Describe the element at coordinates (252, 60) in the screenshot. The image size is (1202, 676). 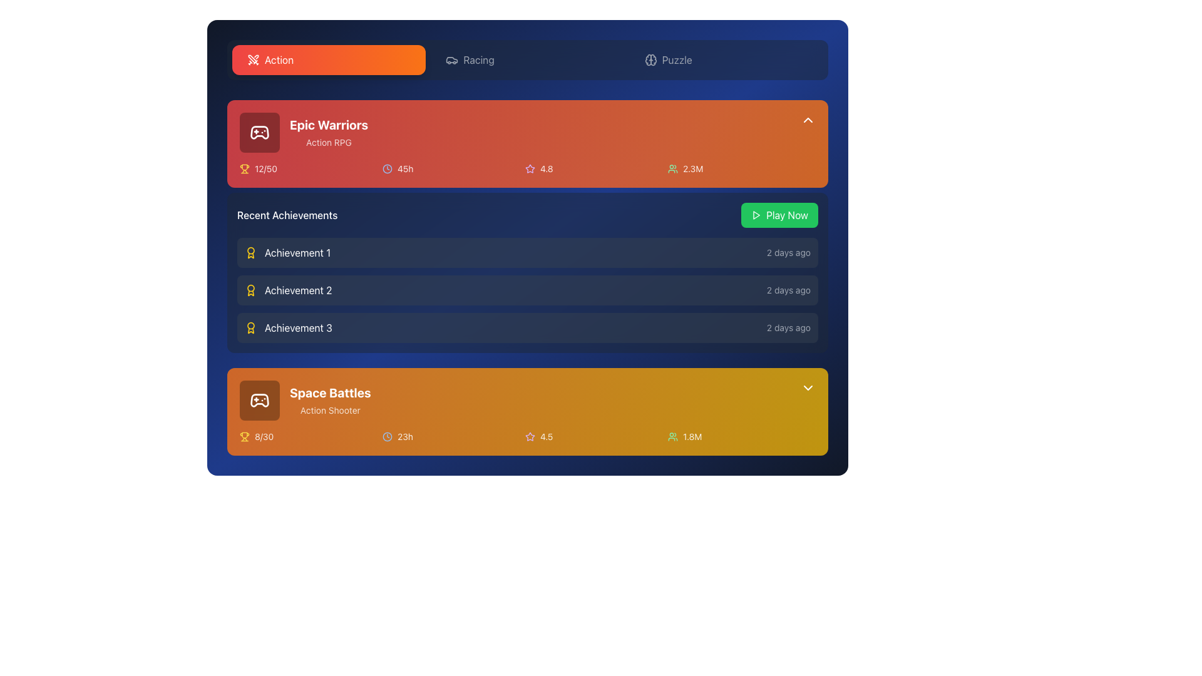
I see `decorative icon located to the far left of the 'Action' button in the 'Action' tab for design purposes` at that location.